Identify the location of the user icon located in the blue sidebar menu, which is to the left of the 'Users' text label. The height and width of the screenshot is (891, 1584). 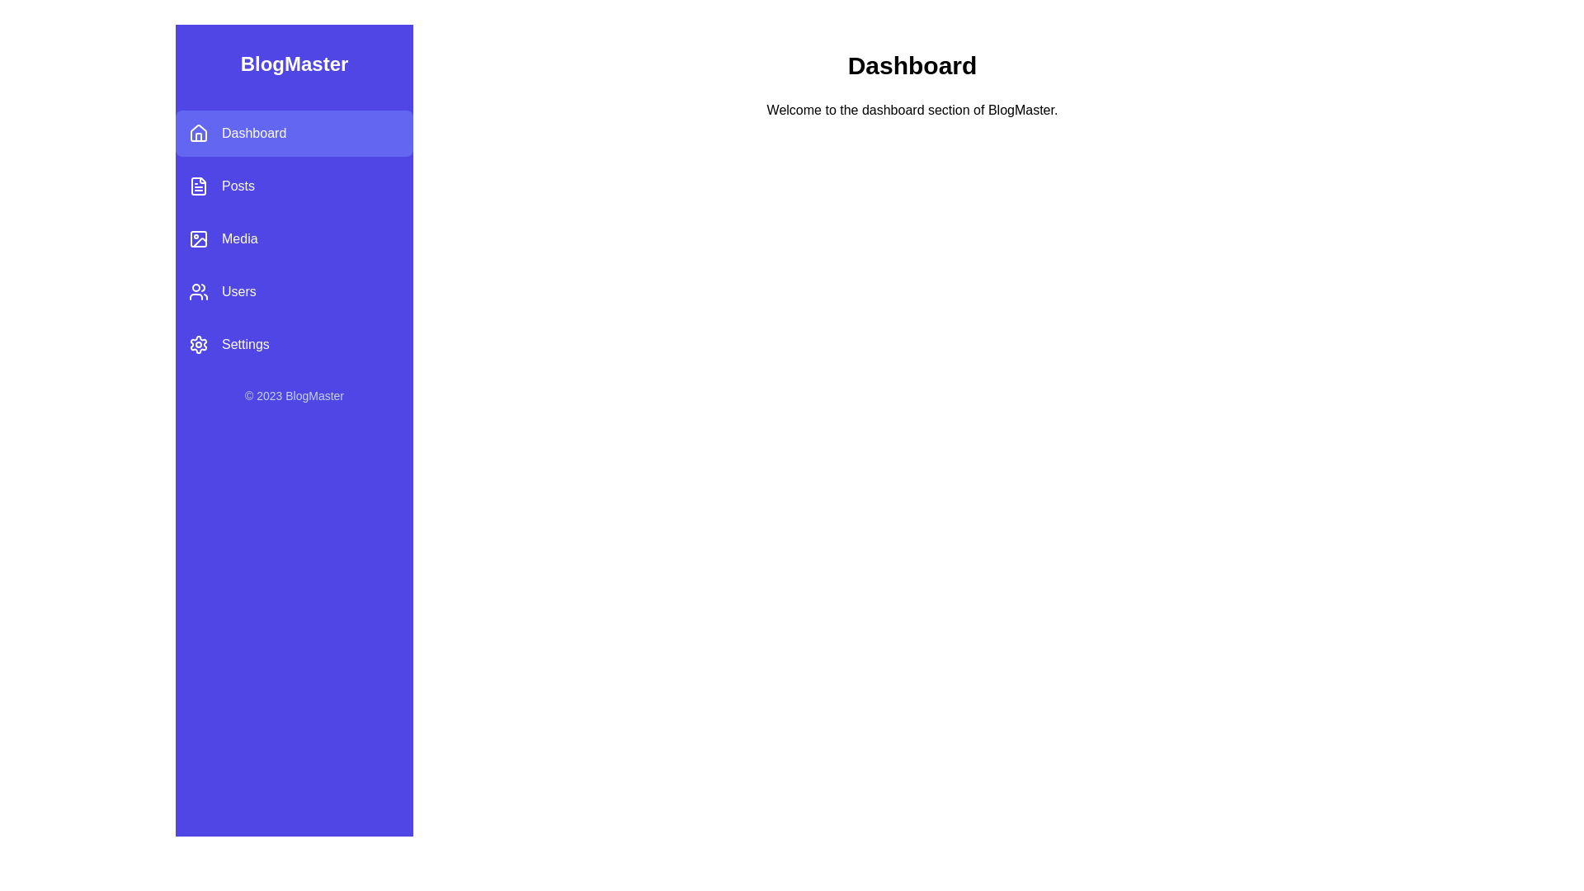
(198, 291).